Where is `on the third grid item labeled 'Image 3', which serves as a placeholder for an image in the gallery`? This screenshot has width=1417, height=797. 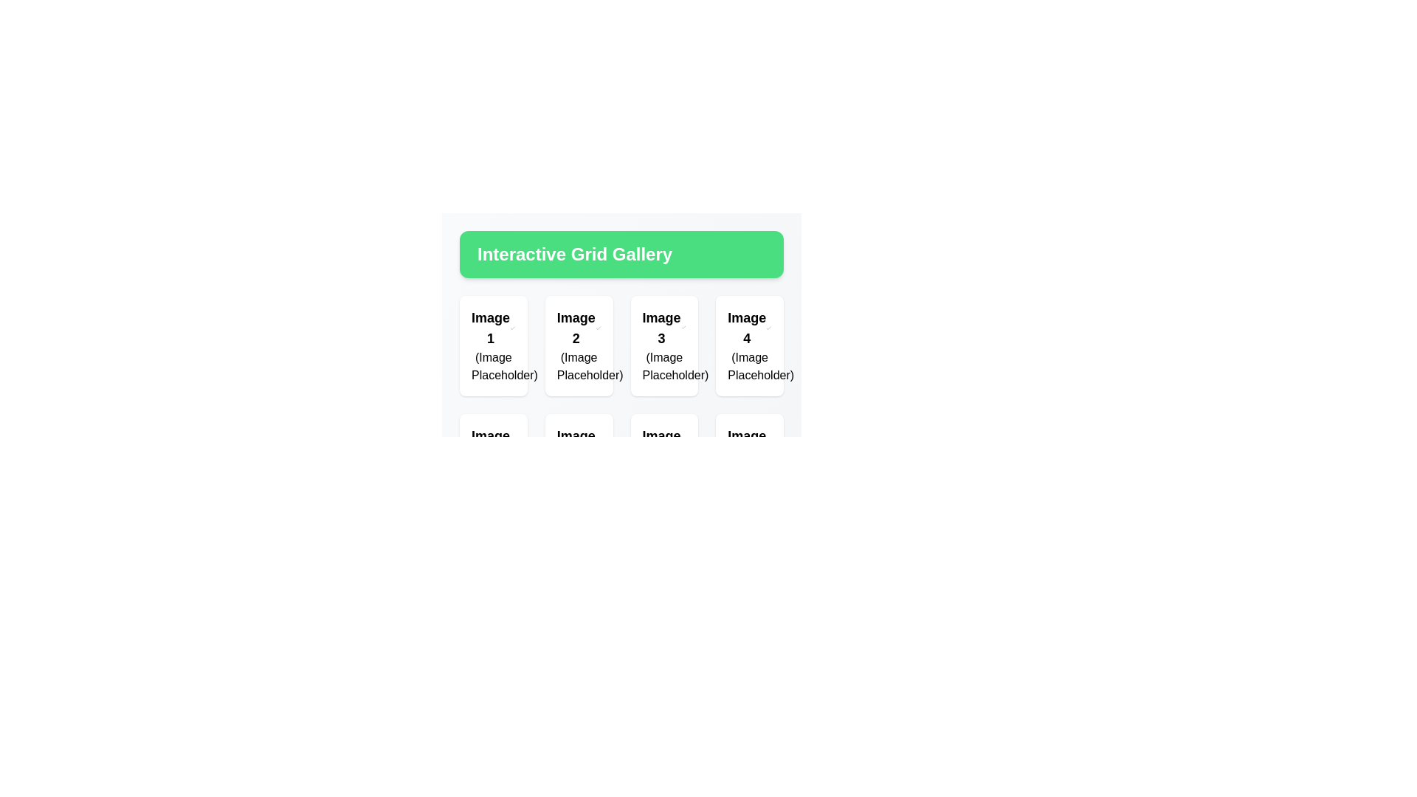 on the third grid item labeled 'Image 3', which serves as a placeholder for an image in the gallery is located at coordinates (663, 327).